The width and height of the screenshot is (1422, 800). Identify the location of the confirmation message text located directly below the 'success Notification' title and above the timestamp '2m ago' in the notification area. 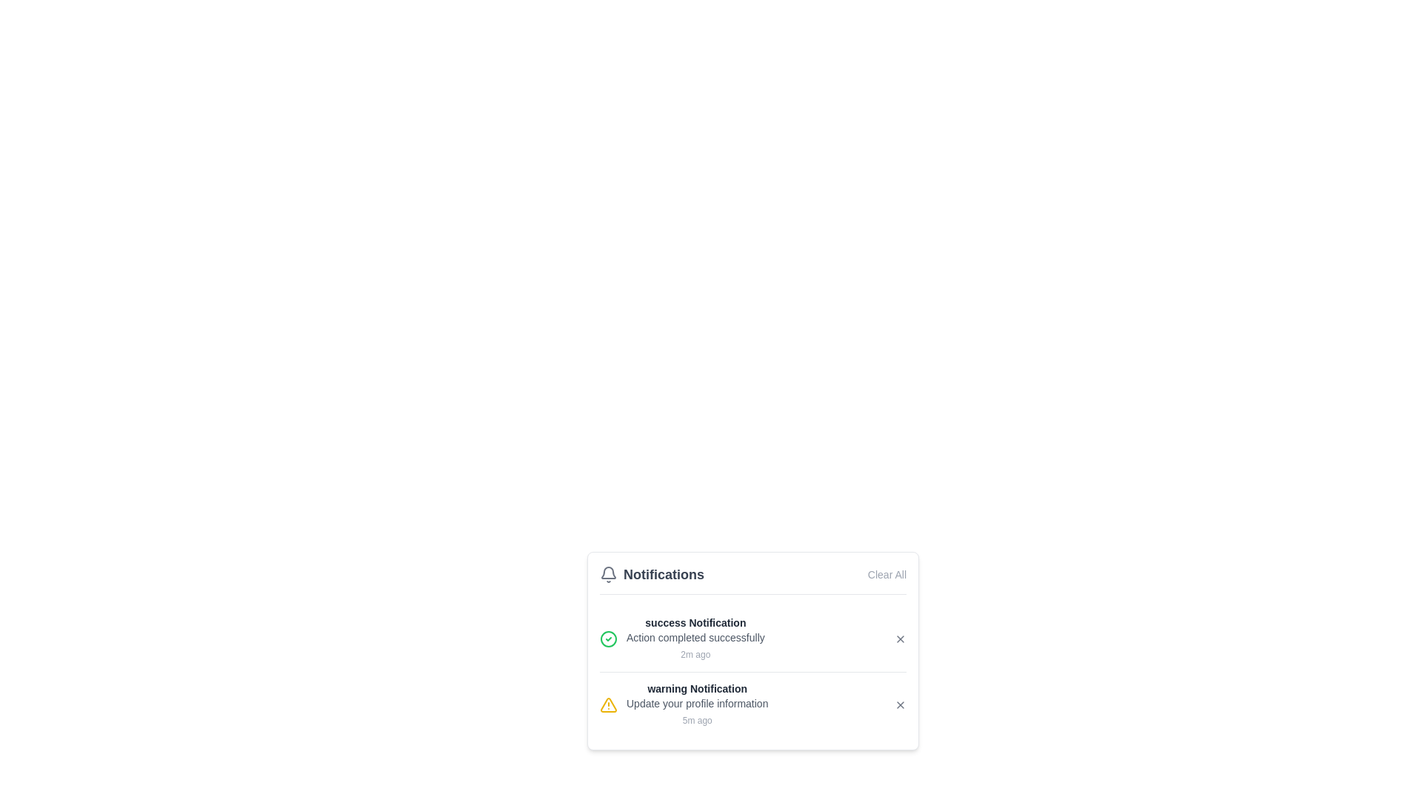
(695, 636).